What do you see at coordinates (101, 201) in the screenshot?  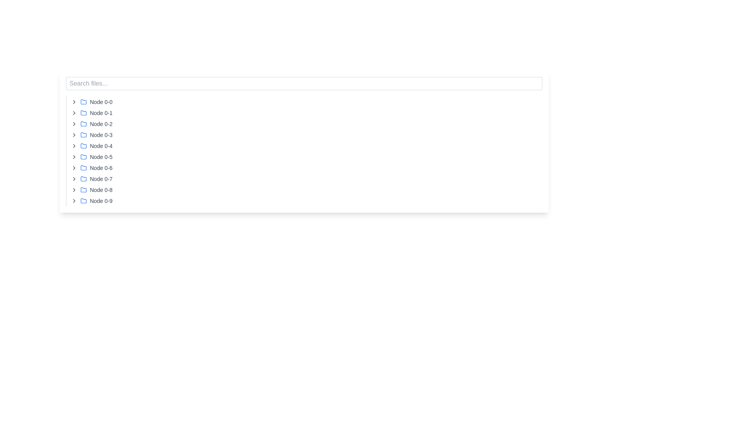 I see `the text label reading 'Node 0-9'` at bounding box center [101, 201].